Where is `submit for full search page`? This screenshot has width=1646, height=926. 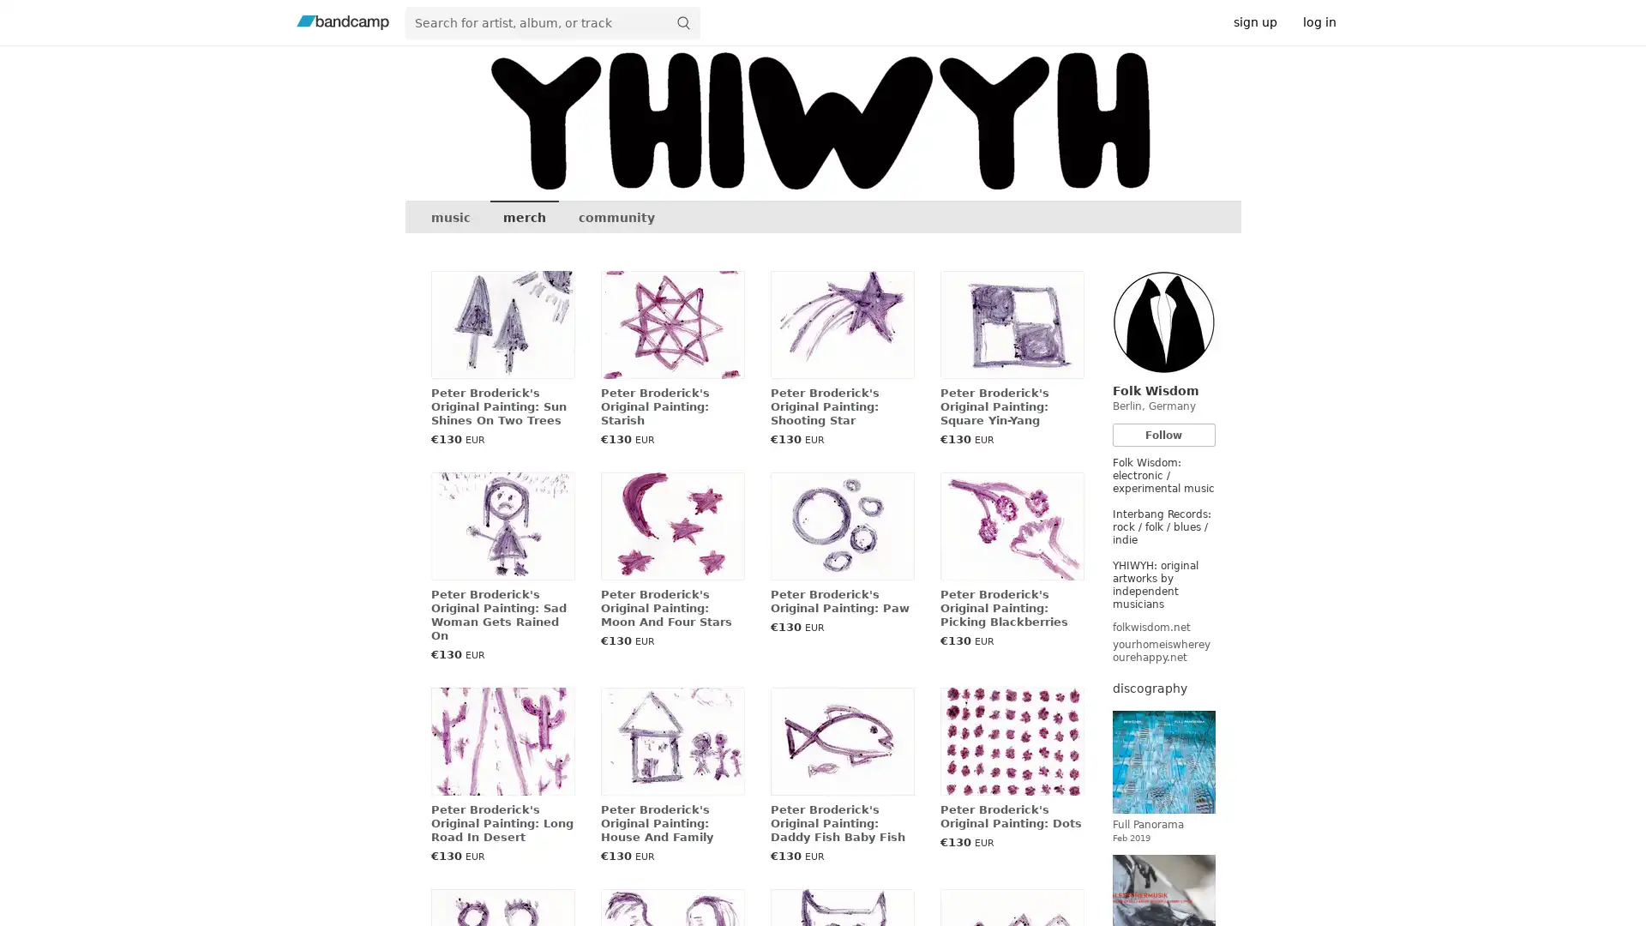 submit for full search page is located at coordinates (682, 22).